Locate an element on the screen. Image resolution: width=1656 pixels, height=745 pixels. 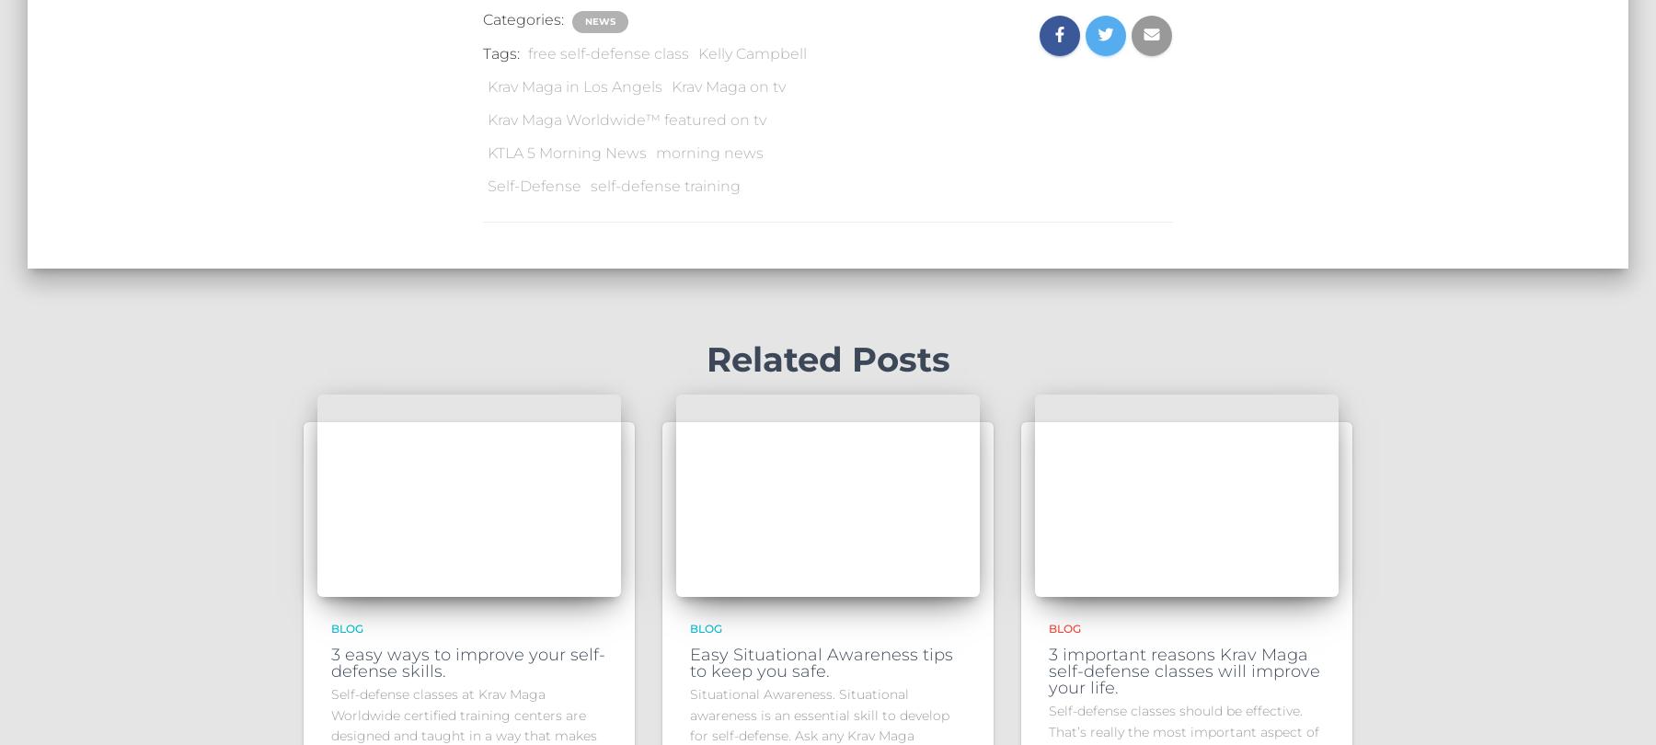
'KTLA 5 Morning News' is located at coordinates (486, 152).